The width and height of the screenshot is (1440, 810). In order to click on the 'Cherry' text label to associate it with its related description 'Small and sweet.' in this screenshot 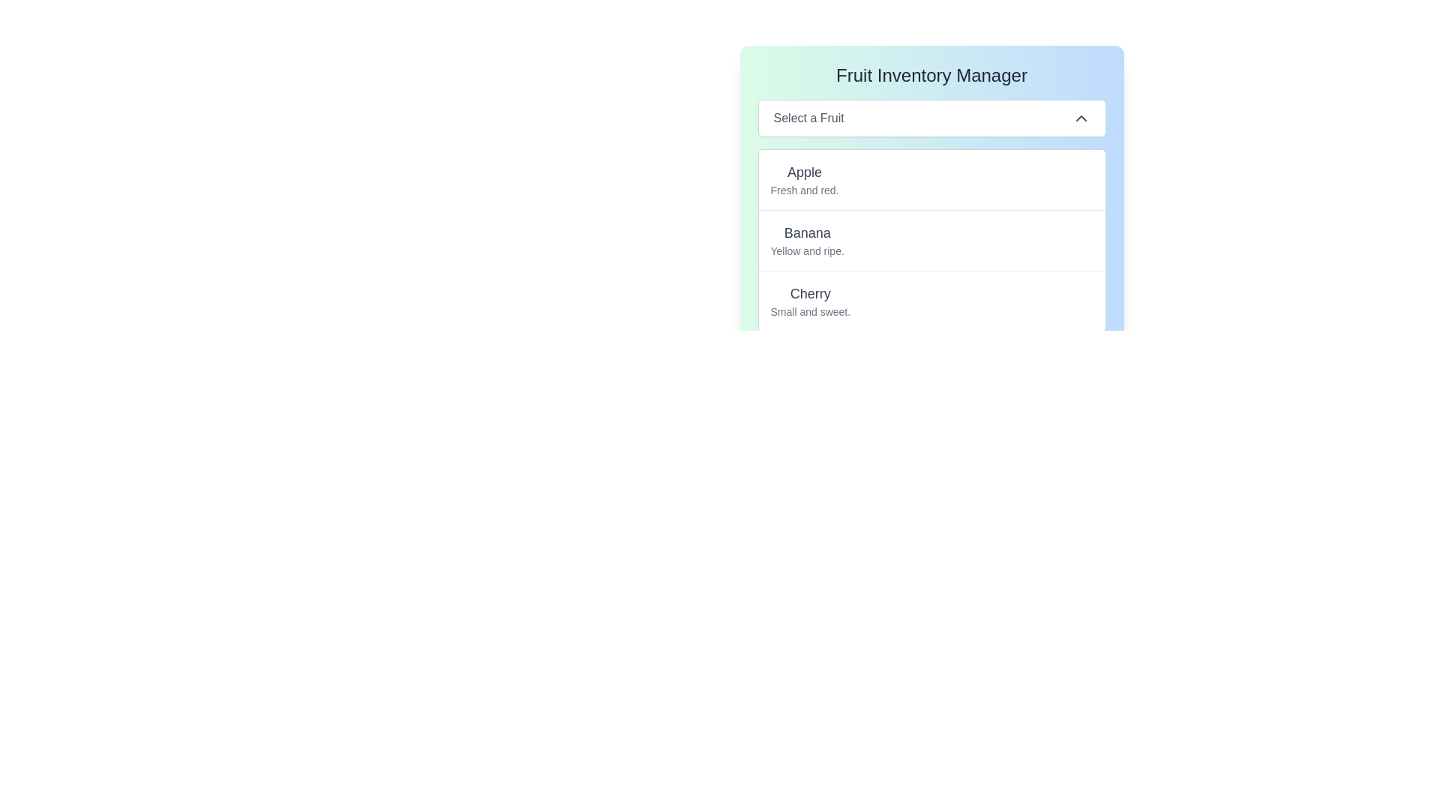, I will do `click(809, 294)`.